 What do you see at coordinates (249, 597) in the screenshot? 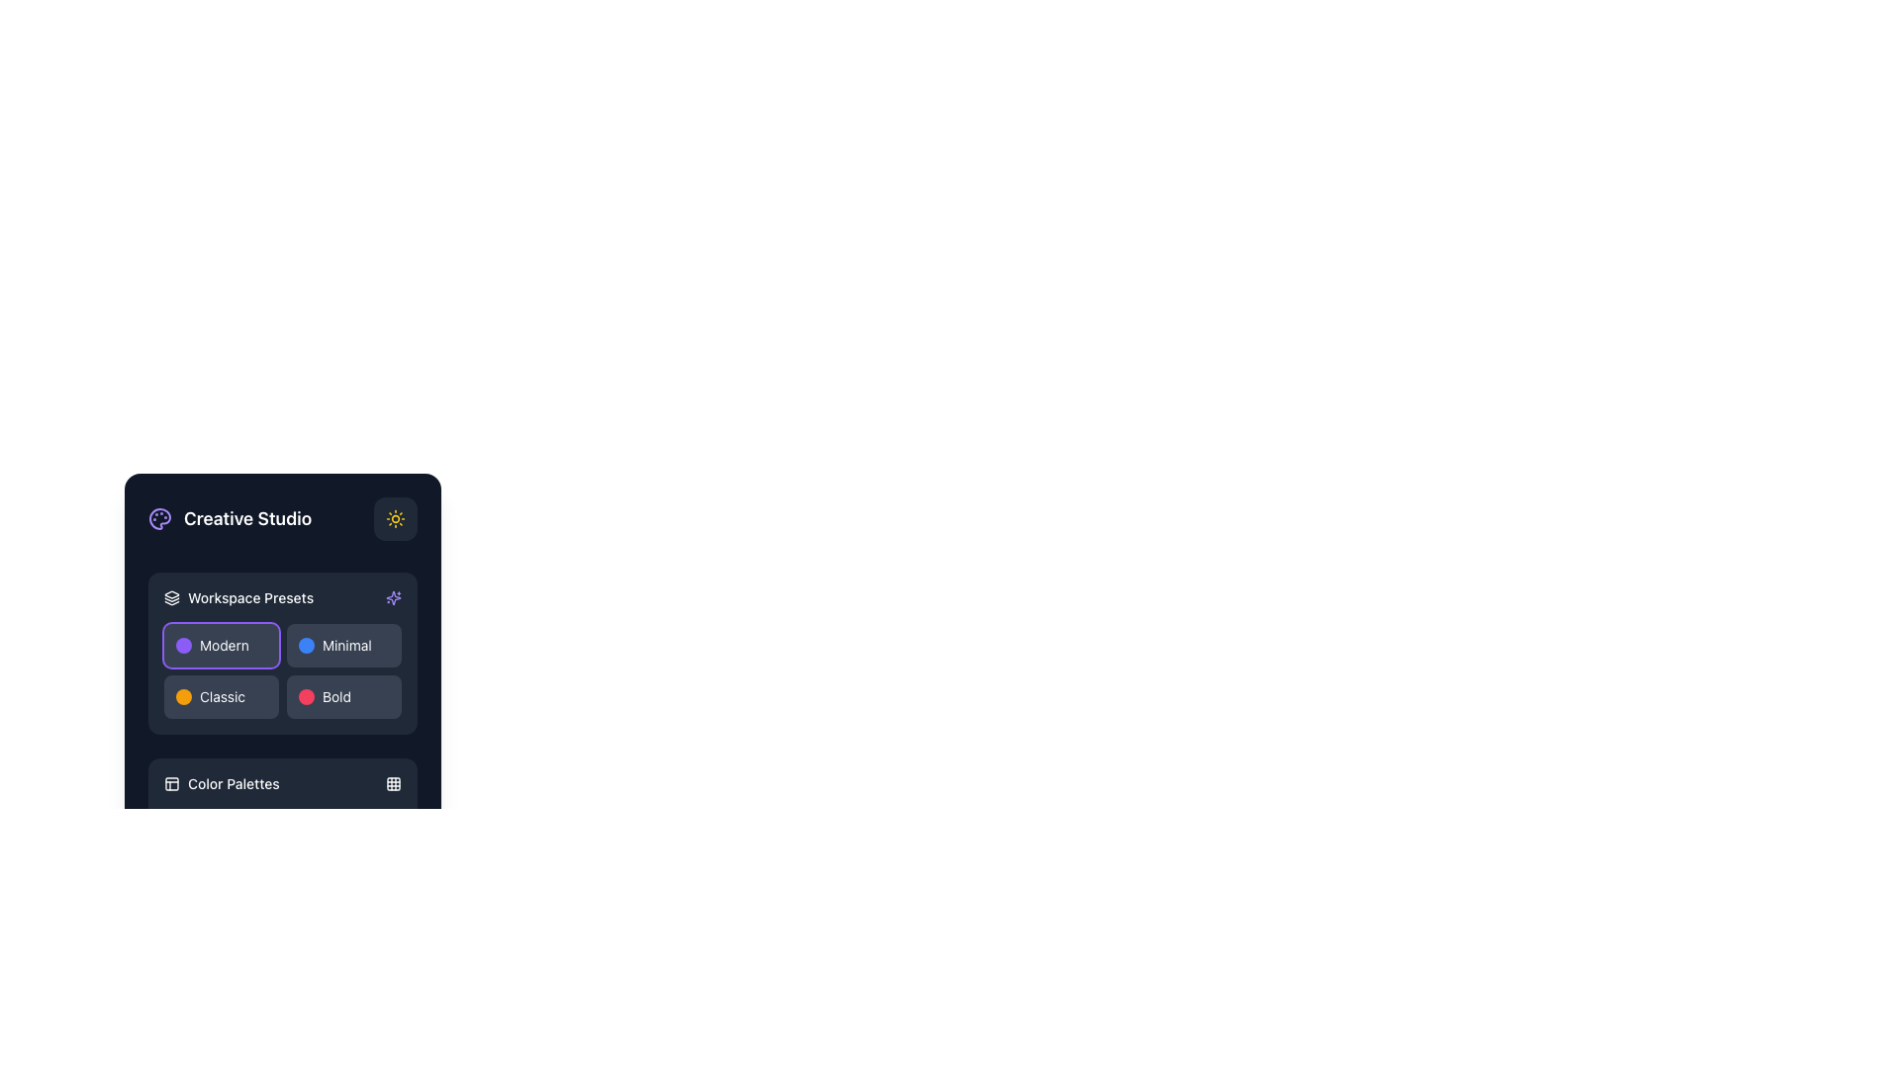
I see `the Text label that serves as a descriptive heading for the adjacent preset options, located to the right of a 'layers' icon and to the left of a small settings icon` at bounding box center [249, 597].